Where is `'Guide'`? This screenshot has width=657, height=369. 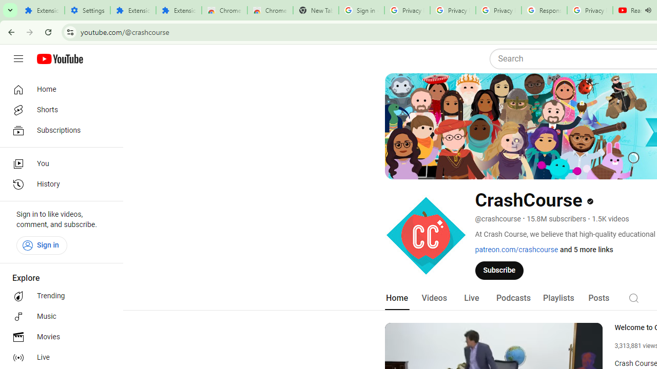 'Guide' is located at coordinates (18, 59).